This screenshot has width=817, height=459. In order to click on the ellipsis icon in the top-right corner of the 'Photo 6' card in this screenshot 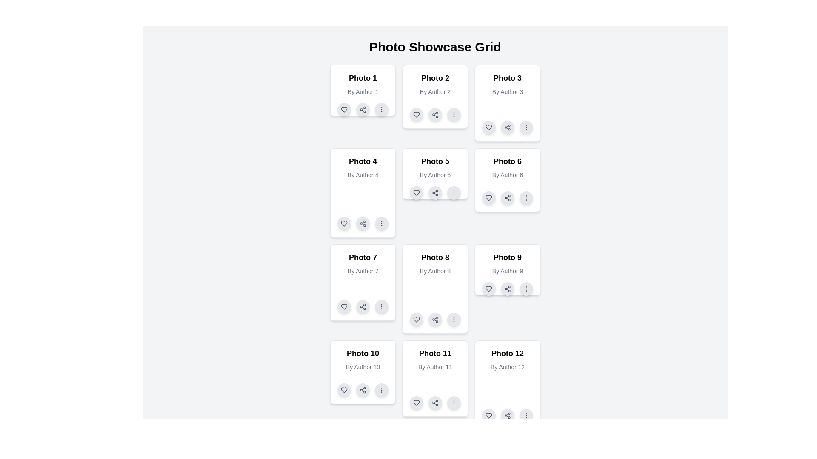, I will do `click(526, 198)`.